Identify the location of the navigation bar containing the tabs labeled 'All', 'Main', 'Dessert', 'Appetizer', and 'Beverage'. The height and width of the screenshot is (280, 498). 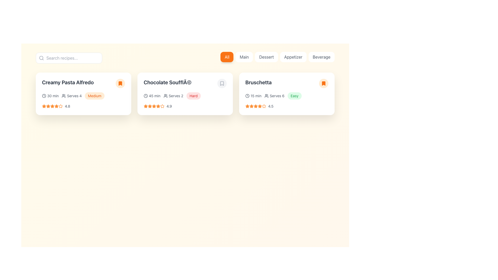
(277, 58).